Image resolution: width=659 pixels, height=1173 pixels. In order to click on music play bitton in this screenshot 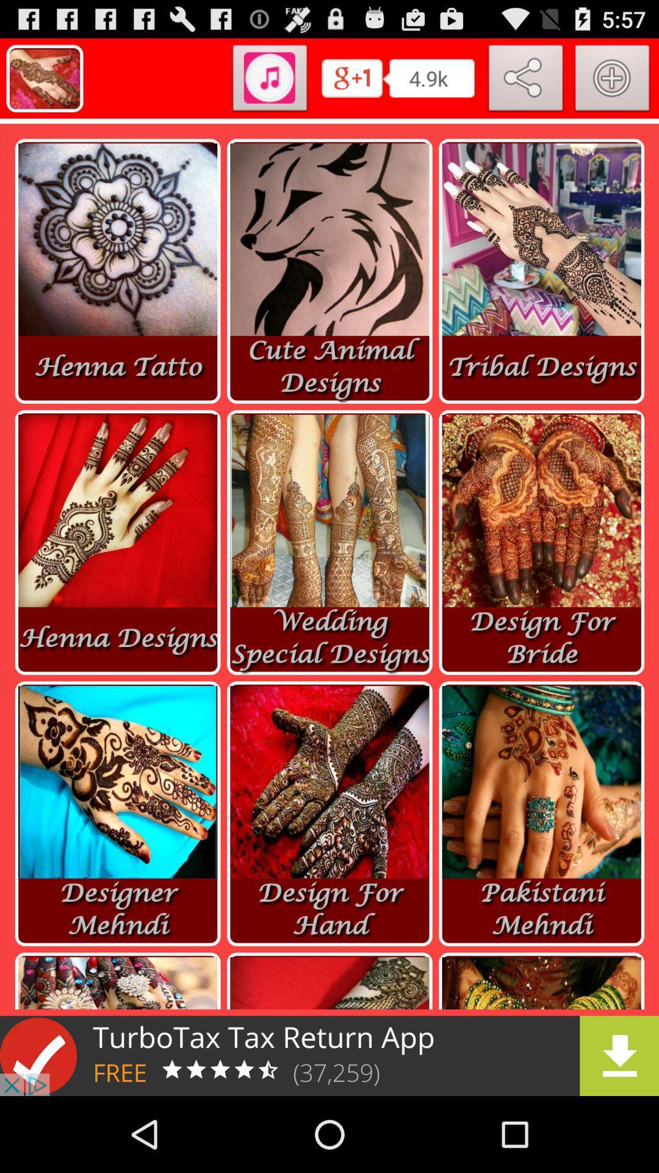, I will do `click(269, 80)`.